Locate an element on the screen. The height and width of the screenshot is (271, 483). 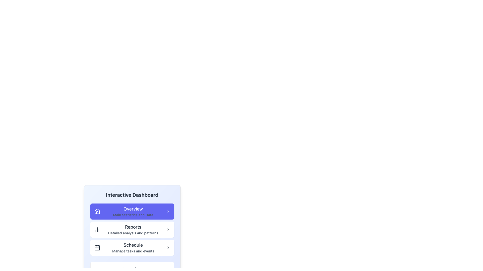
the topmost text label within the button component in the navigation panel is located at coordinates (133, 209).